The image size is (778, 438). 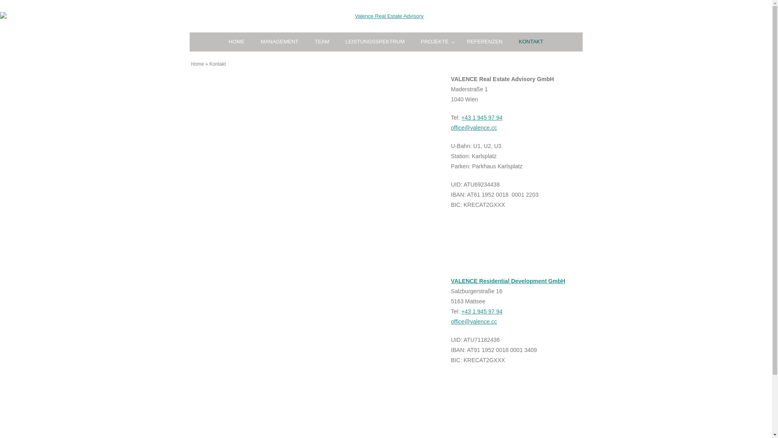 What do you see at coordinates (507, 281) in the screenshot?
I see `'VALENCE Residential Development GmbH'` at bounding box center [507, 281].